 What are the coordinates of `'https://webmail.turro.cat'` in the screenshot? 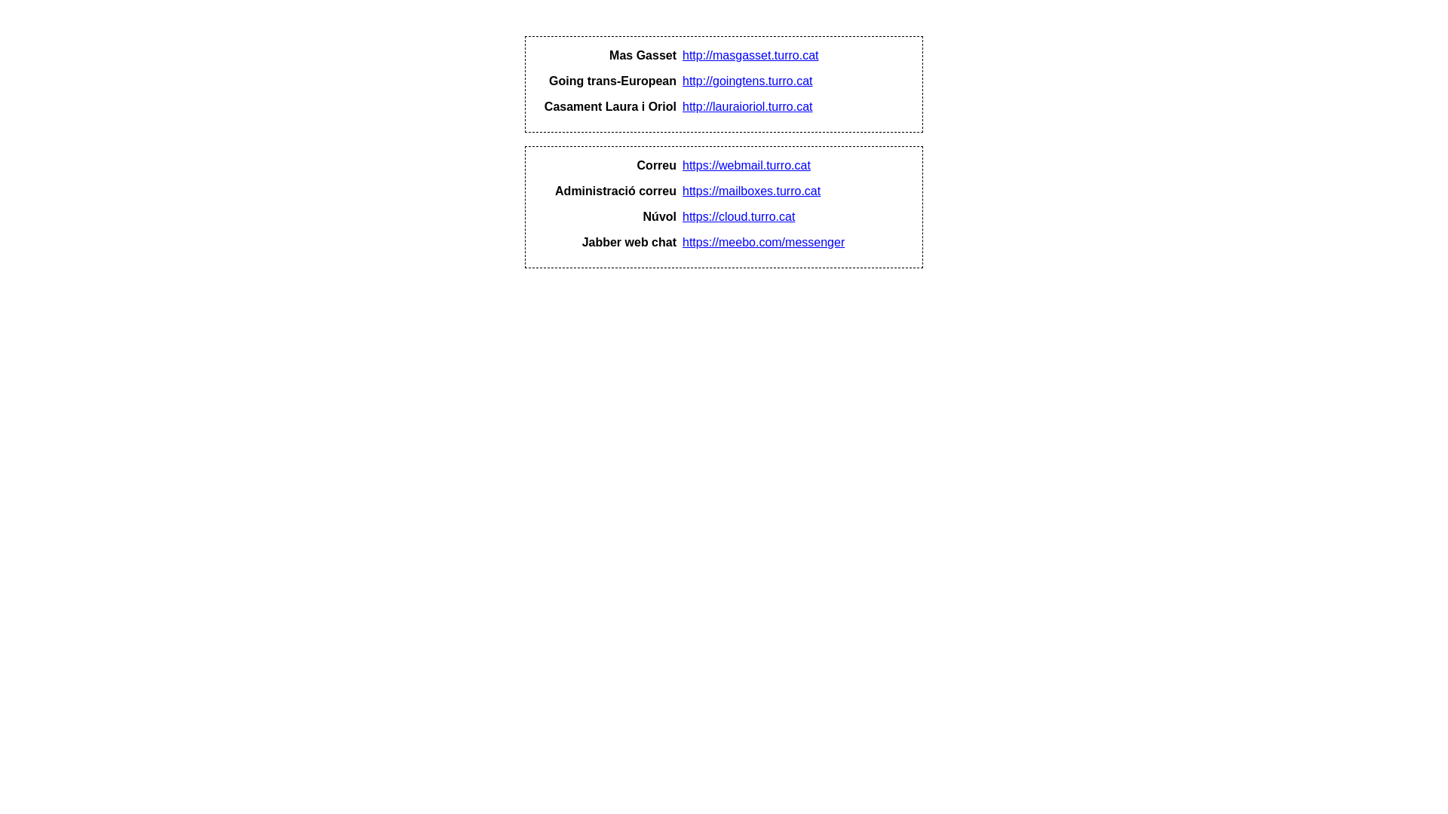 It's located at (746, 165).